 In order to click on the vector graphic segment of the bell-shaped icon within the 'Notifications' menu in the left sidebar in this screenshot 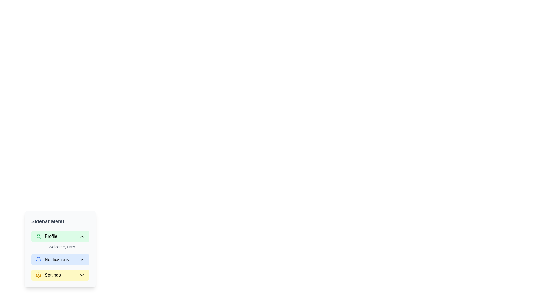, I will do `click(38, 259)`.